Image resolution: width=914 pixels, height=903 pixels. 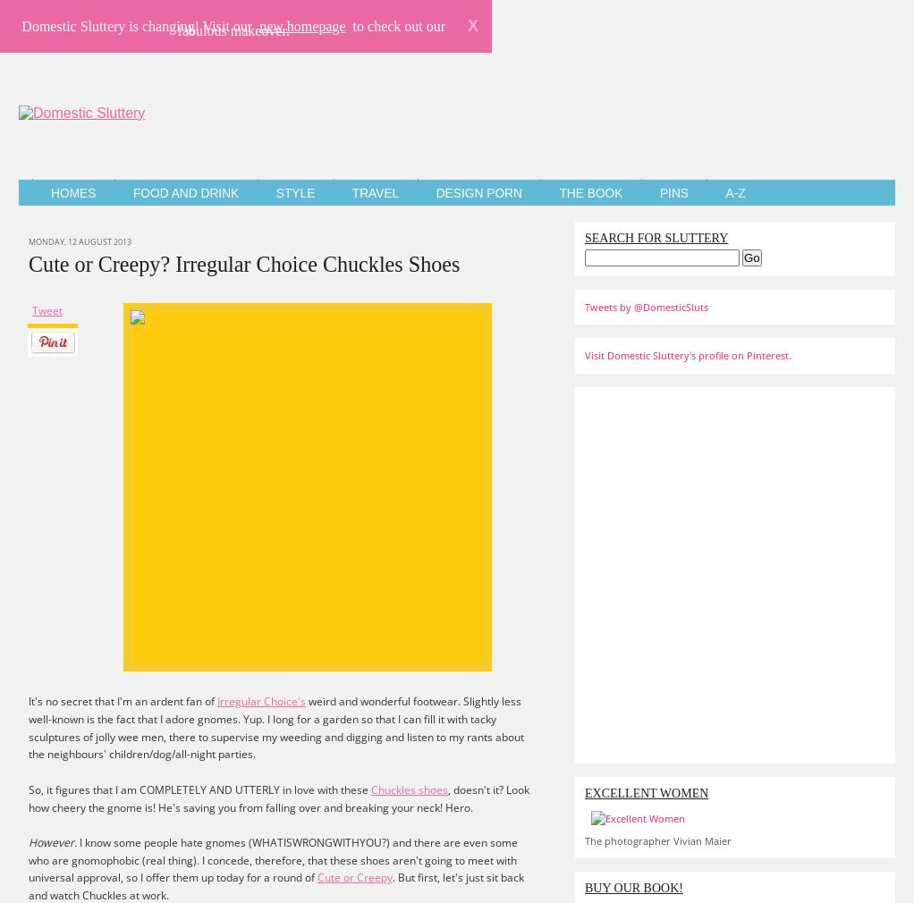 What do you see at coordinates (471, 24) in the screenshot?
I see `'X'` at bounding box center [471, 24].